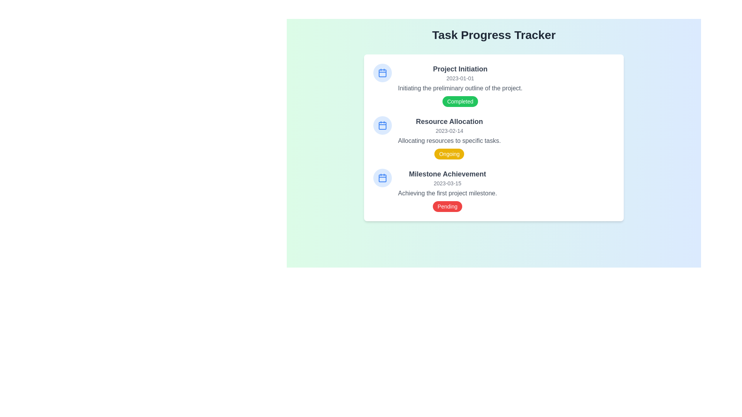  Describe the element at coordinates (493, 85) in the screenshot. I see `displayed information on the Task Card, which includes the title, date, description, and current status of a specific project phase, located at the center of the card area` at that location.